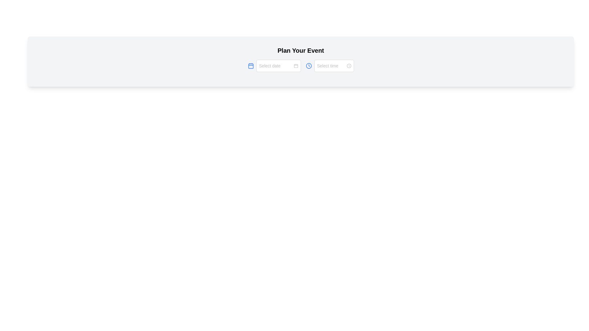  What do you see at coordinates (349, 66) in the screenshot?
I see `the circular clock-shaped icon next to the 'Select time' input box to interact with the time picker` at bounding box center [349, 66].